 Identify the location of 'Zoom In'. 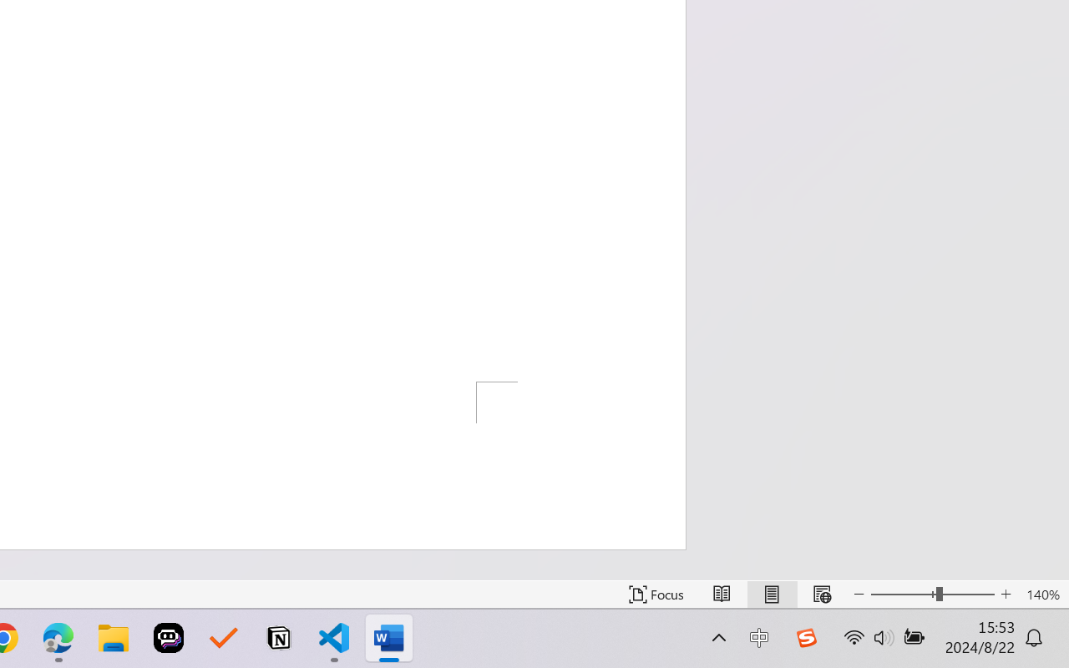
(1006, 594).